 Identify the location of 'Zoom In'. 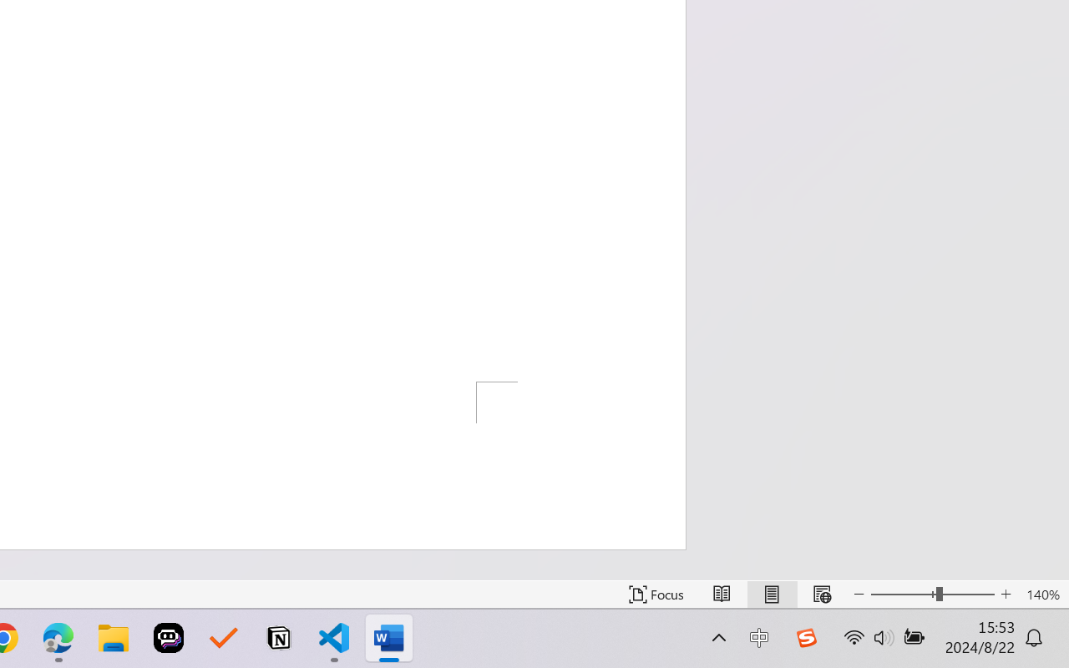
(1006, 594).